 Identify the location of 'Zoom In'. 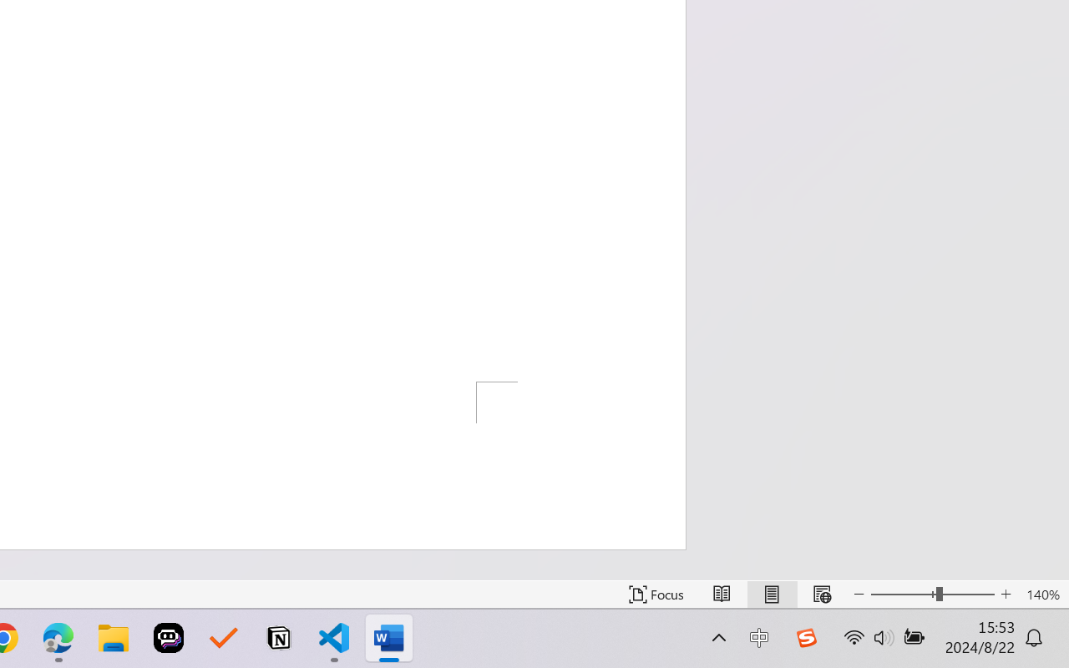
(1006, 594).